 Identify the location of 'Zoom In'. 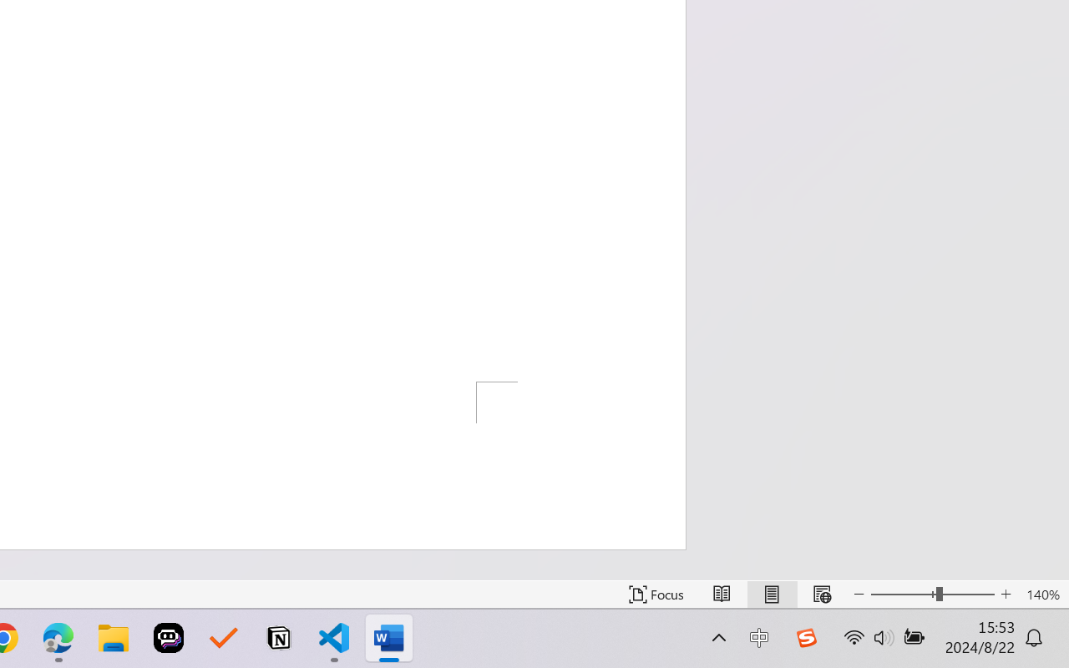
(1006, 594).